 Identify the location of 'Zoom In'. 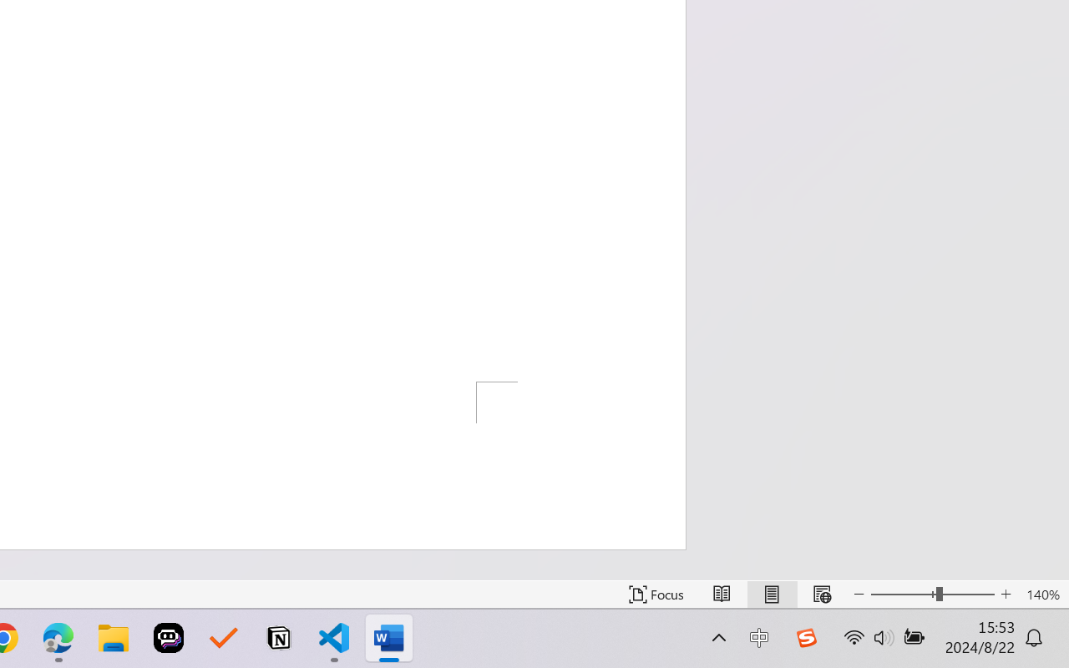
(1006, 594).